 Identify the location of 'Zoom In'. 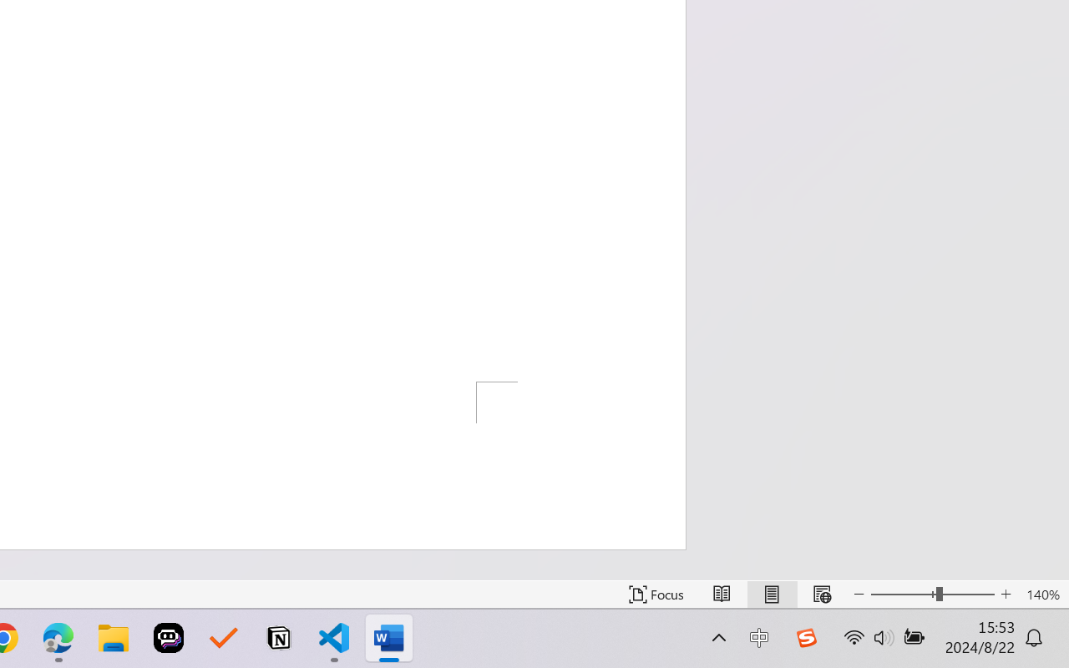
(1006, 594).